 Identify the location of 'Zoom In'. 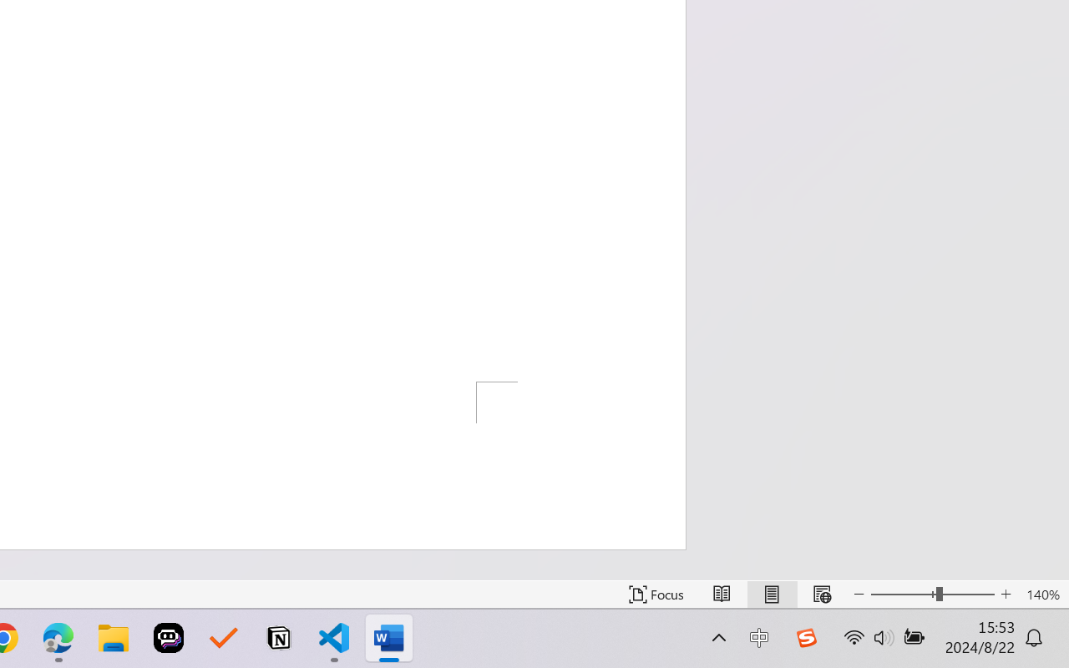
(1006, 594).